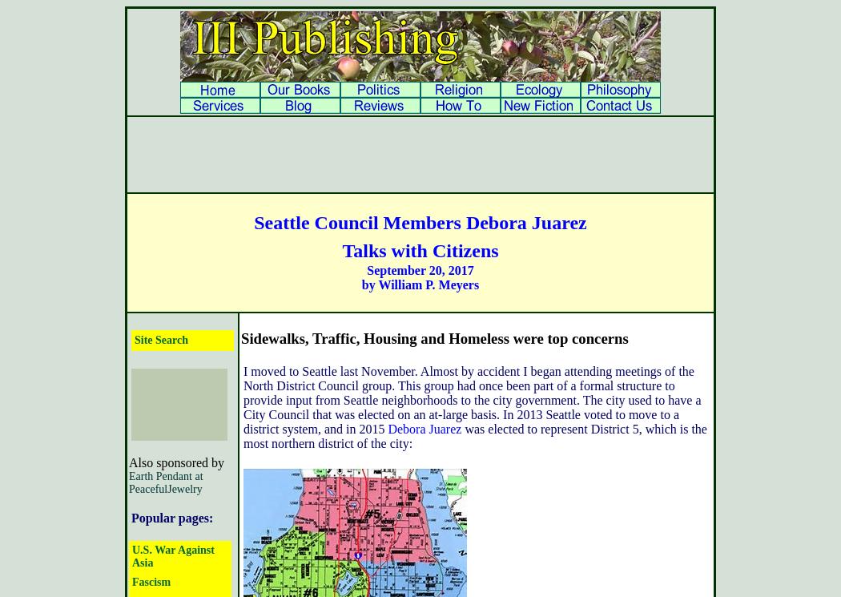  What do you see at coordinates (171, 555) in the screenshot?
I see `'U.S. War Against Asia'` at bounding box center [171, 555].